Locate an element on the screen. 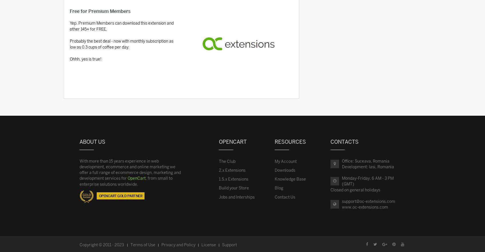 This screenshot has width=485, height=252. 'Terms of Use' is located at coordinates (142, 245).